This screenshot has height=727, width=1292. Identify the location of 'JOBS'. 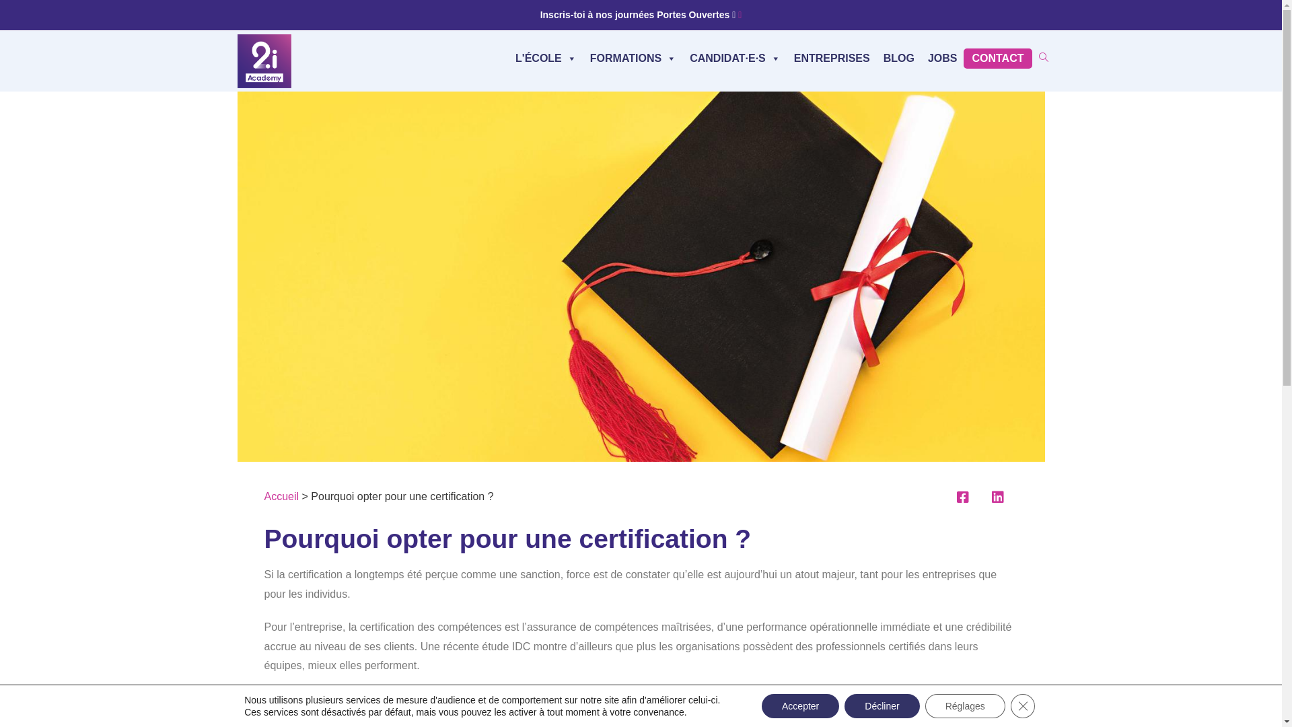
(942, 58).